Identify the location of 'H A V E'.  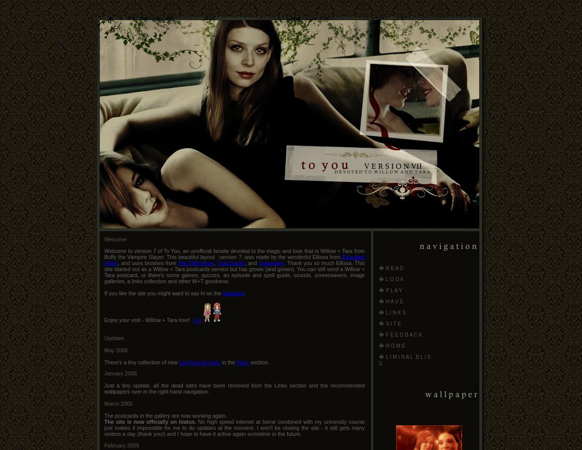
(394, 301).